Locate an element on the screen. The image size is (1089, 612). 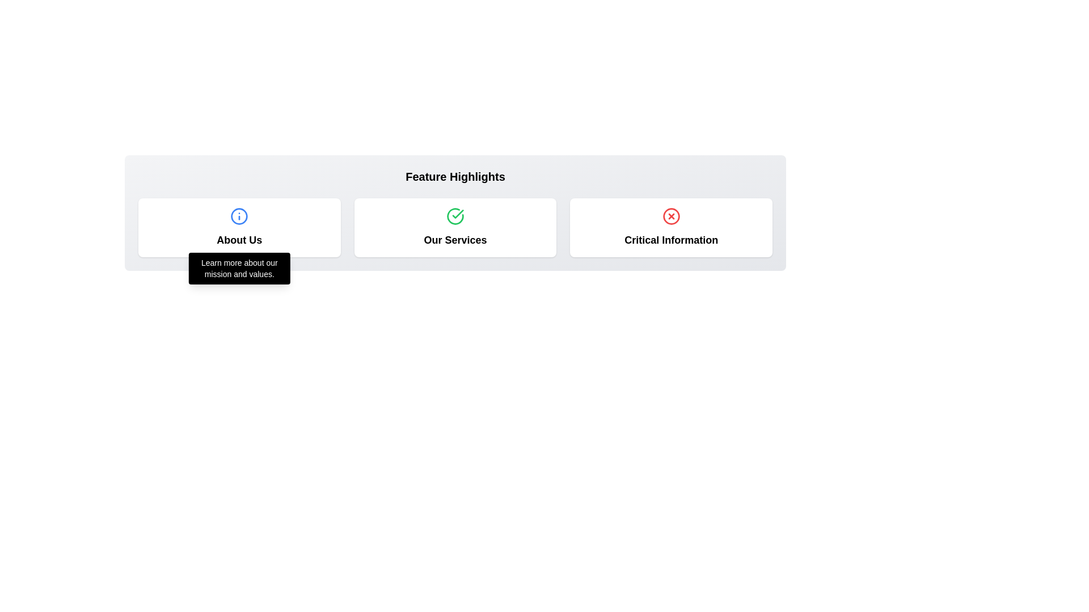
the text label that serves as the header for the card, positioned at the top-center of the box above the secondary information blocks is located at coordinates (455, 177).